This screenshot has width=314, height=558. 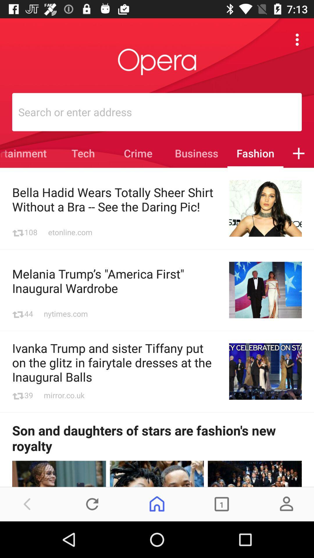 What do you see at coordinates (27, 504) in the screenshot?
I see `the arrow_backward icon` at bounding box center [27, 504].